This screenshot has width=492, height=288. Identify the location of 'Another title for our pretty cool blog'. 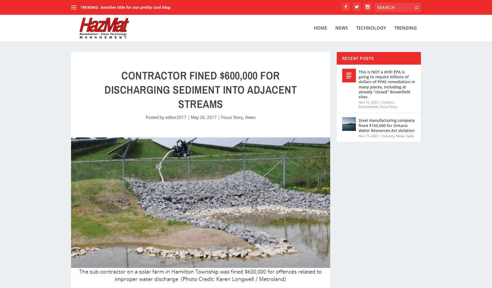
(135, 7).